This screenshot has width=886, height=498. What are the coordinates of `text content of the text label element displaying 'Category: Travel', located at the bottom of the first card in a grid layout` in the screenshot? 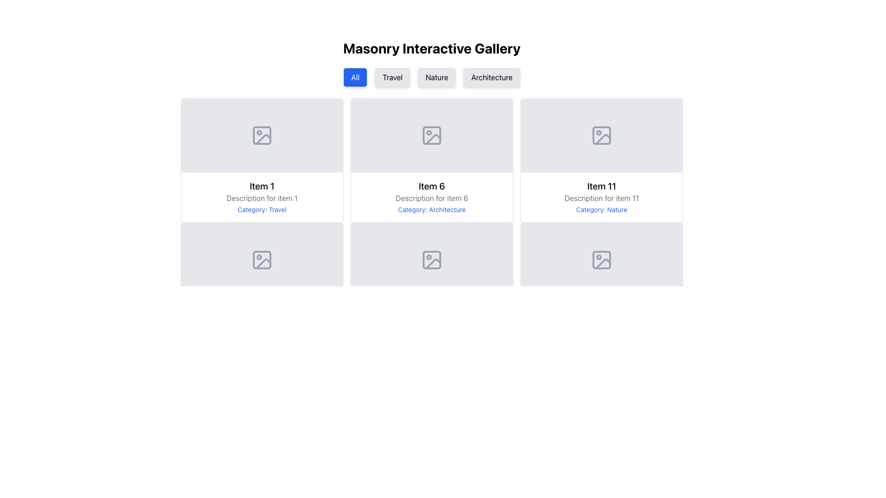 It's located at (261, 209).